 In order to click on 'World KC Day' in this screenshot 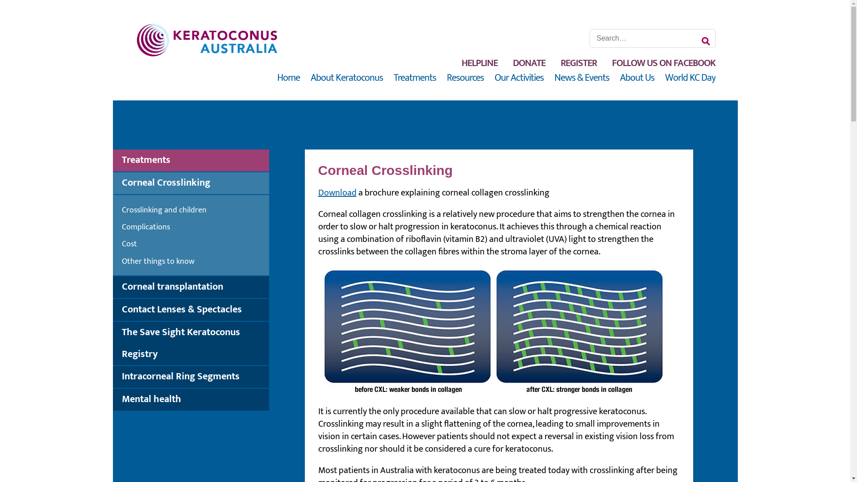, I will do `click(690, 77)`.